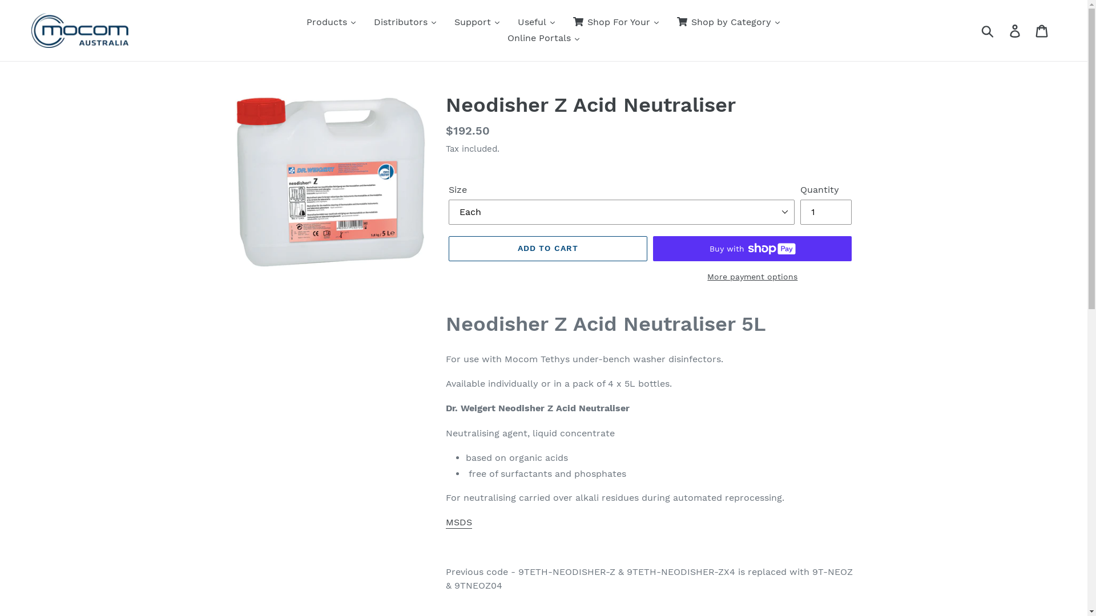  I want to click on 'Distributors', so click(405, 22).